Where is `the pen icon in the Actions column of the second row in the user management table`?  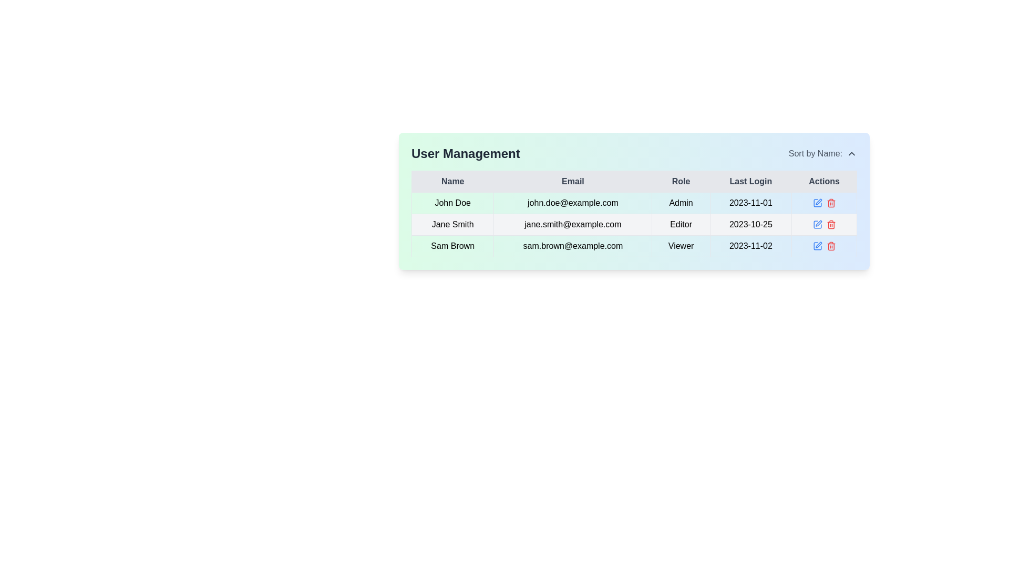 the pen icon in the Actions column of the second row in the user management table is located at coordinates (818, 202).